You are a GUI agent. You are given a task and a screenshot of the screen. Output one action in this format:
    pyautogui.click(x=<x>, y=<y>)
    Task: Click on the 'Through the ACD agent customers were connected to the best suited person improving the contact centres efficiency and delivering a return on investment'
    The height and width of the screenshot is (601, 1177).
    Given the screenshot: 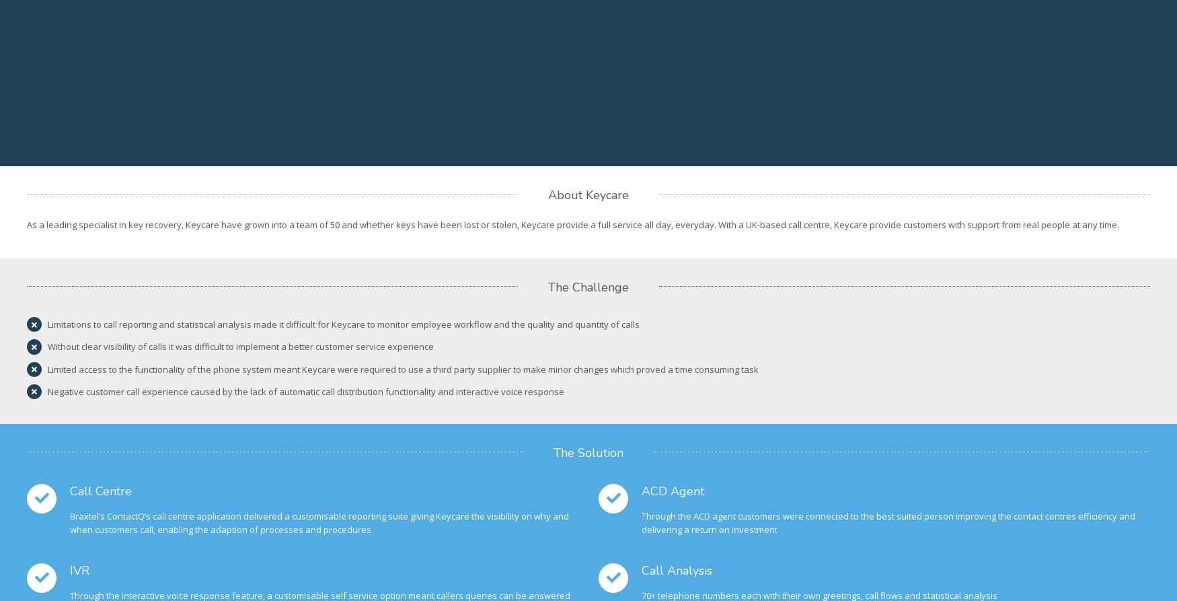 What is the action you would take?
    pyautogui.click(x=888, y=522)
    